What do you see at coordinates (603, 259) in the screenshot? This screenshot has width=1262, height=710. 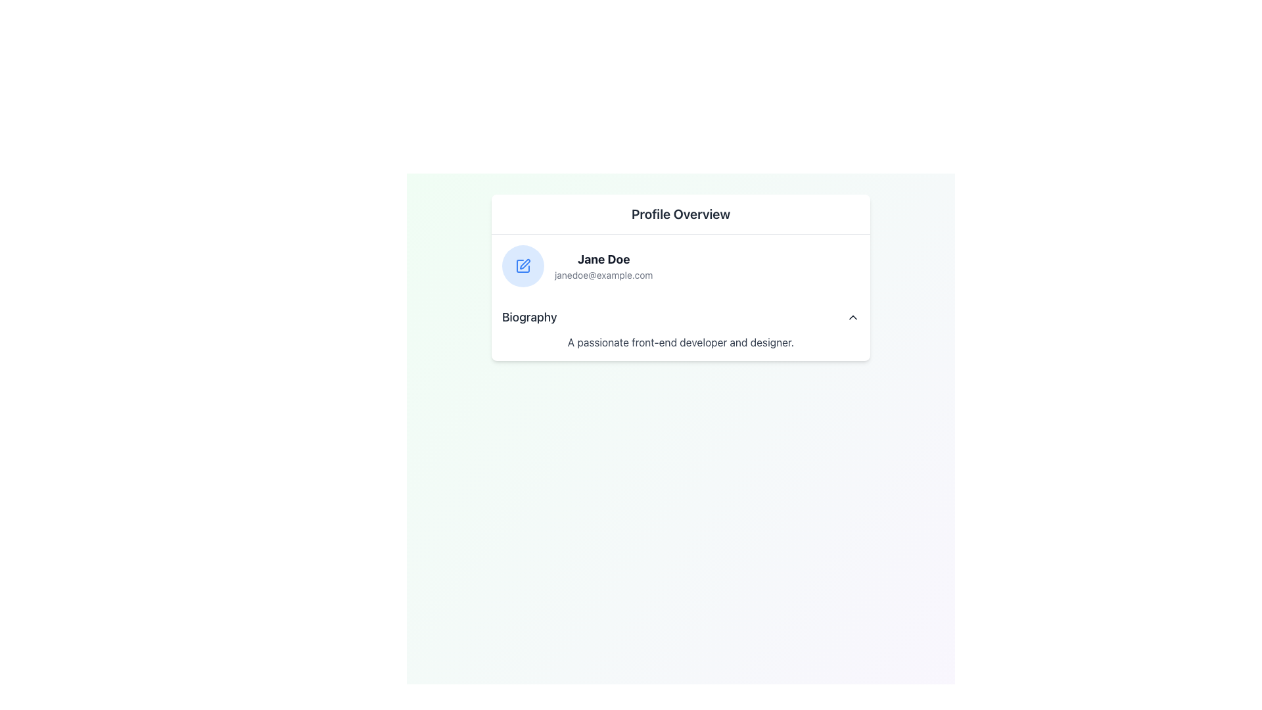 I see `the bolded text label displaying 'Jane Doe' in the profile overview section` at bounding box center [603, 259].